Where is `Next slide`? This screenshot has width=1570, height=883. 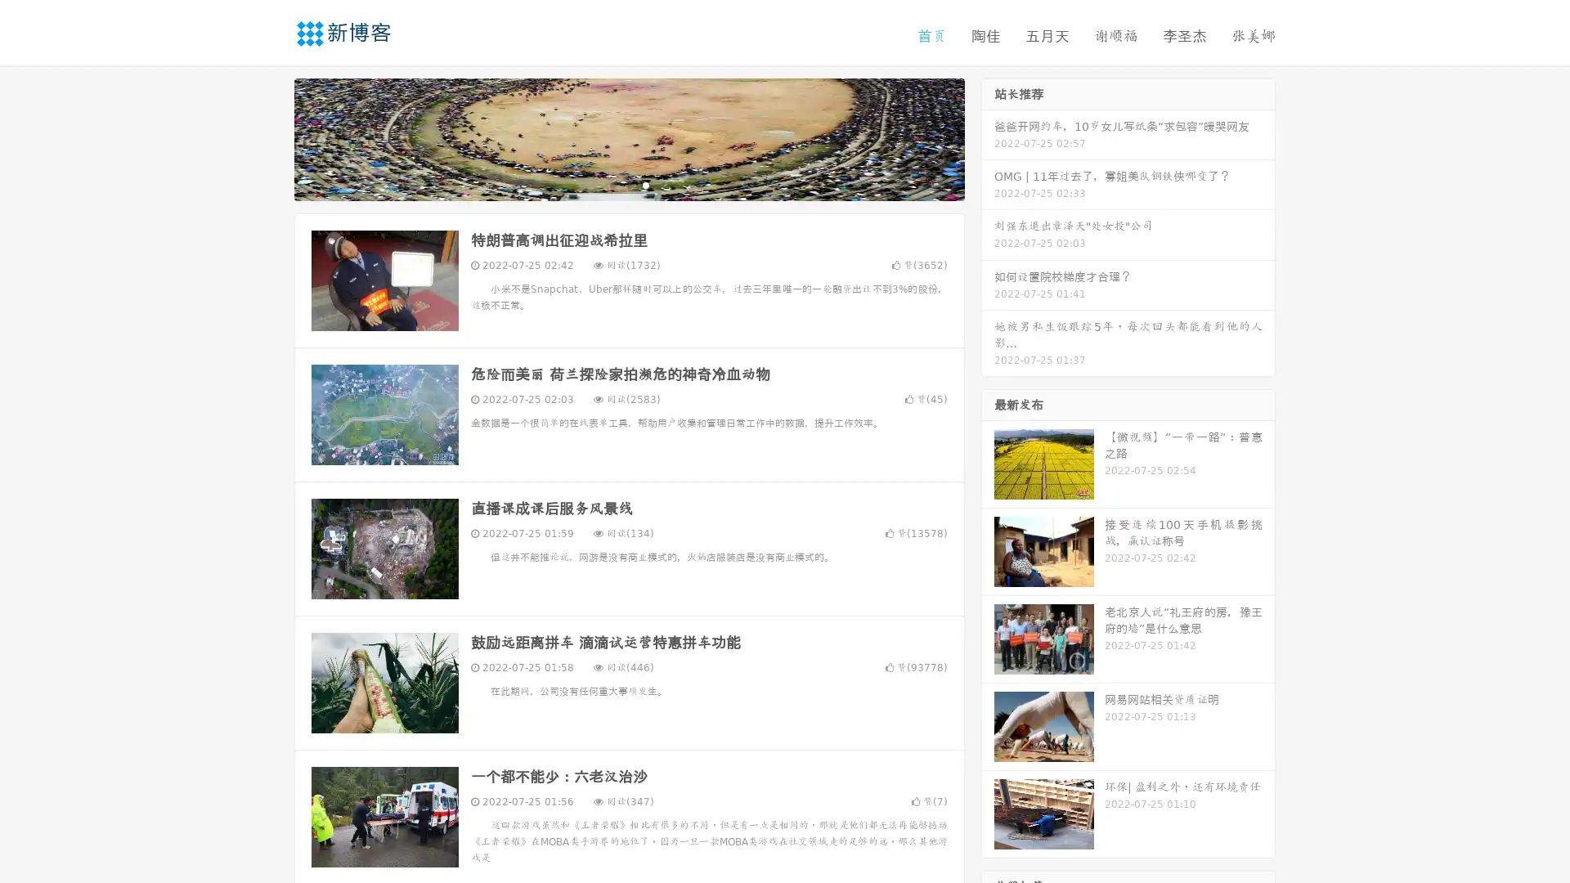 Next slide is located at coordinates (988, 137).